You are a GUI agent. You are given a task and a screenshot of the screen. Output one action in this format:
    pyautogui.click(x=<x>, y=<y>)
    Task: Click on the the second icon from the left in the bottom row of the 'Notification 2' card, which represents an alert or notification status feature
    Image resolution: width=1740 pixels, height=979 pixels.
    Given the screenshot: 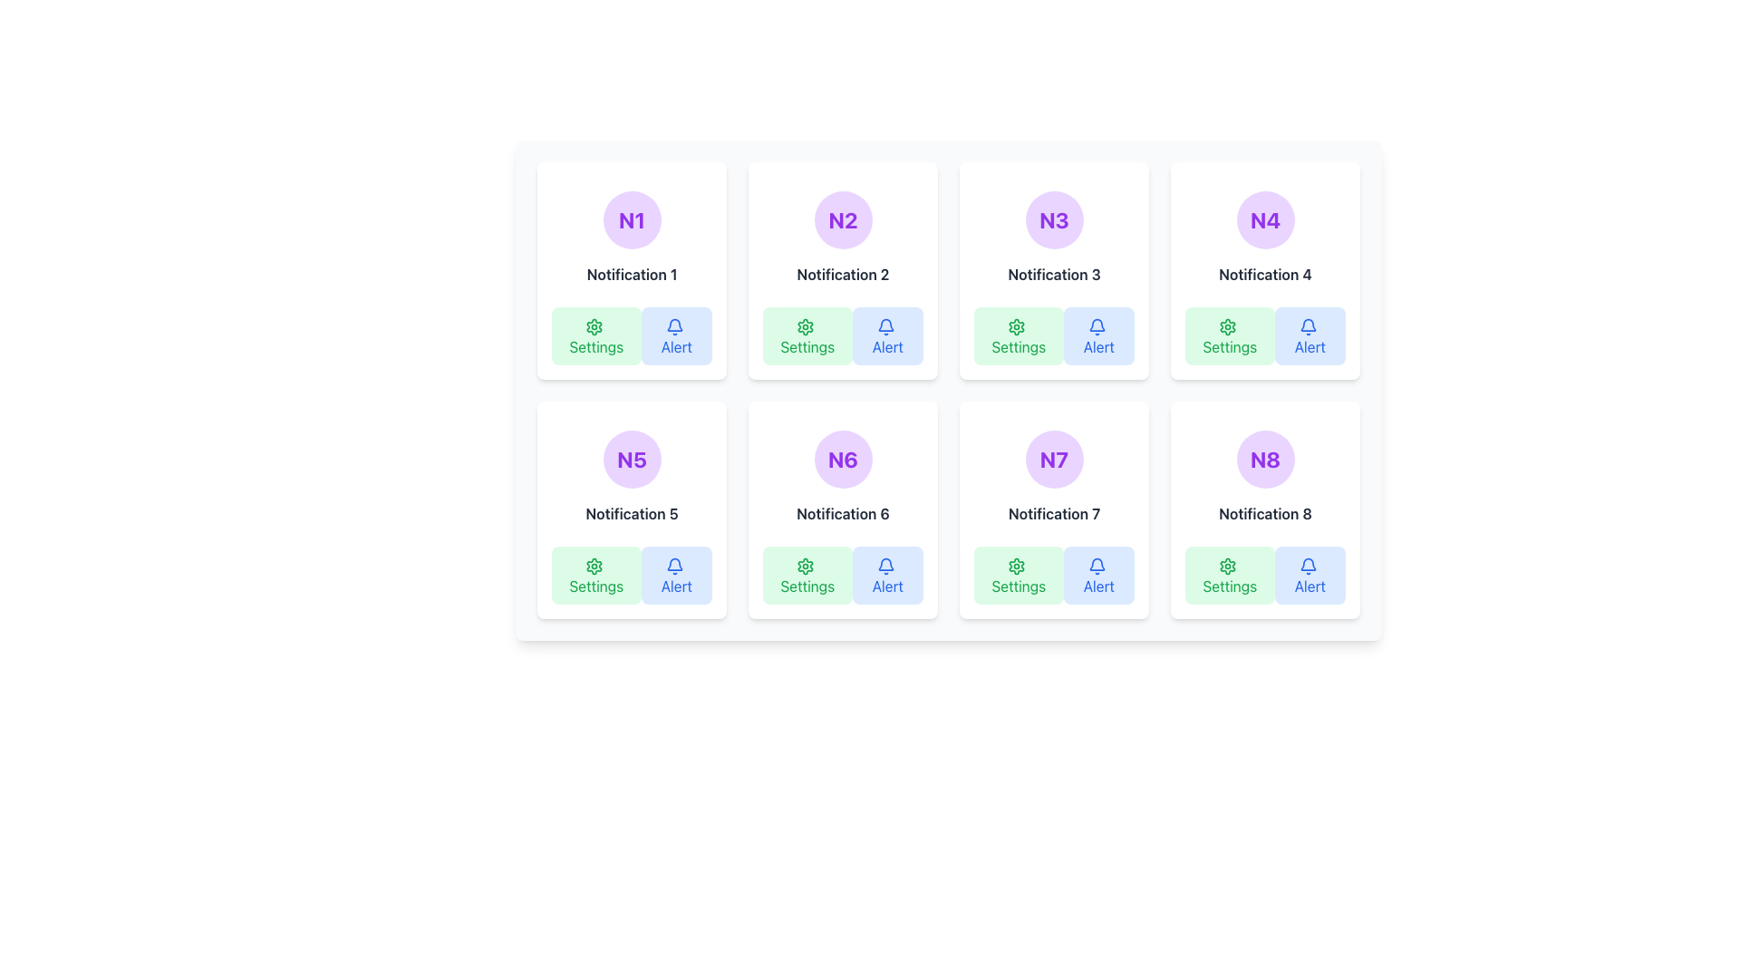 What is the action you would take?
    pyautogui.click(x=885, y=324)
    